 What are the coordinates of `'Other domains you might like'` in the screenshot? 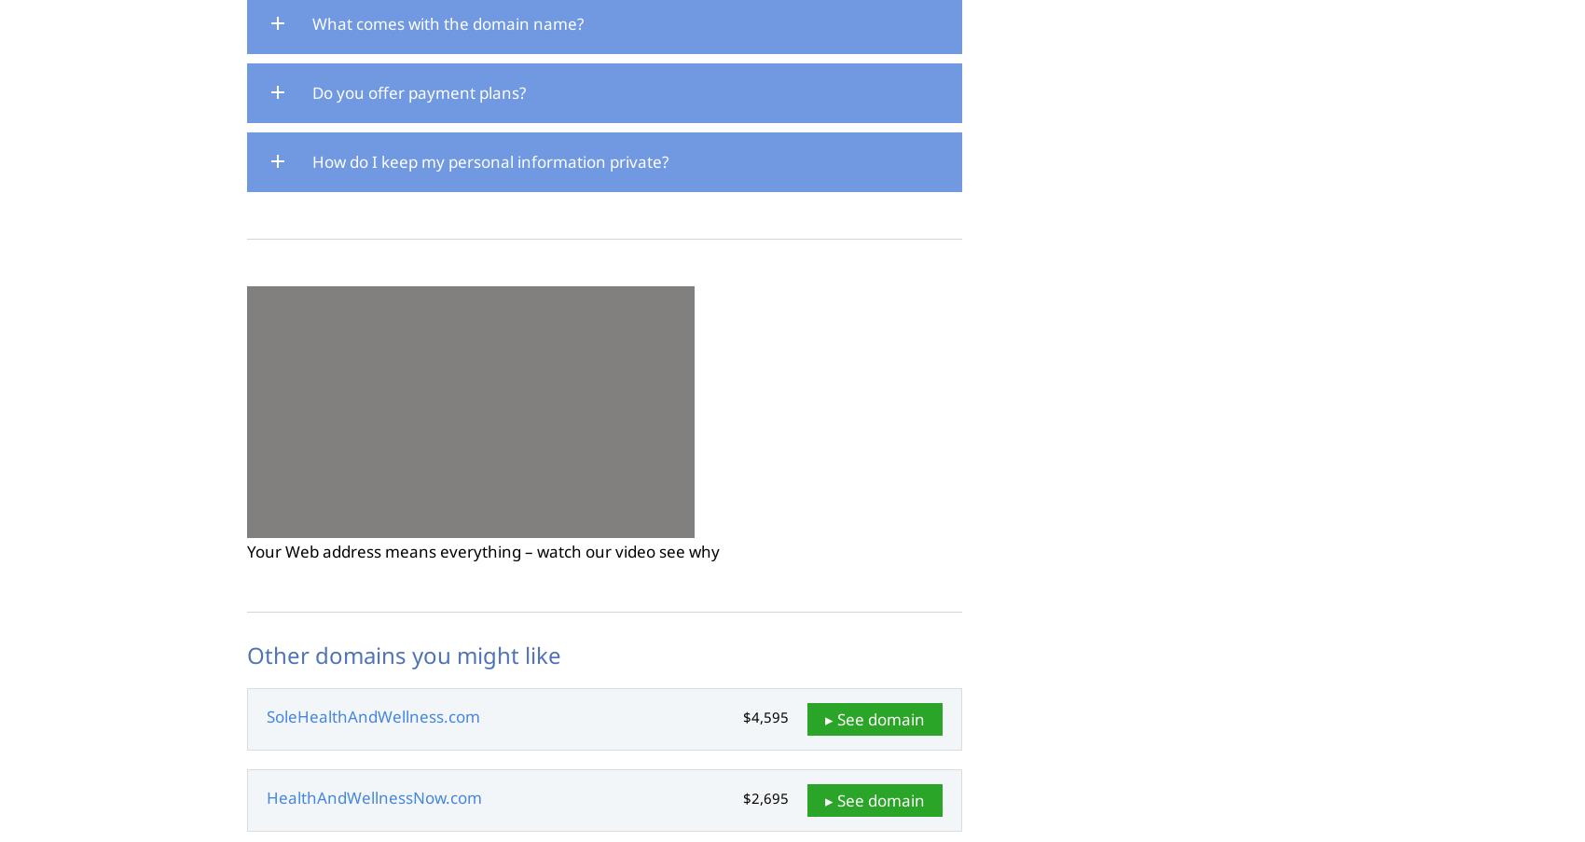 It's located at (404, 654).